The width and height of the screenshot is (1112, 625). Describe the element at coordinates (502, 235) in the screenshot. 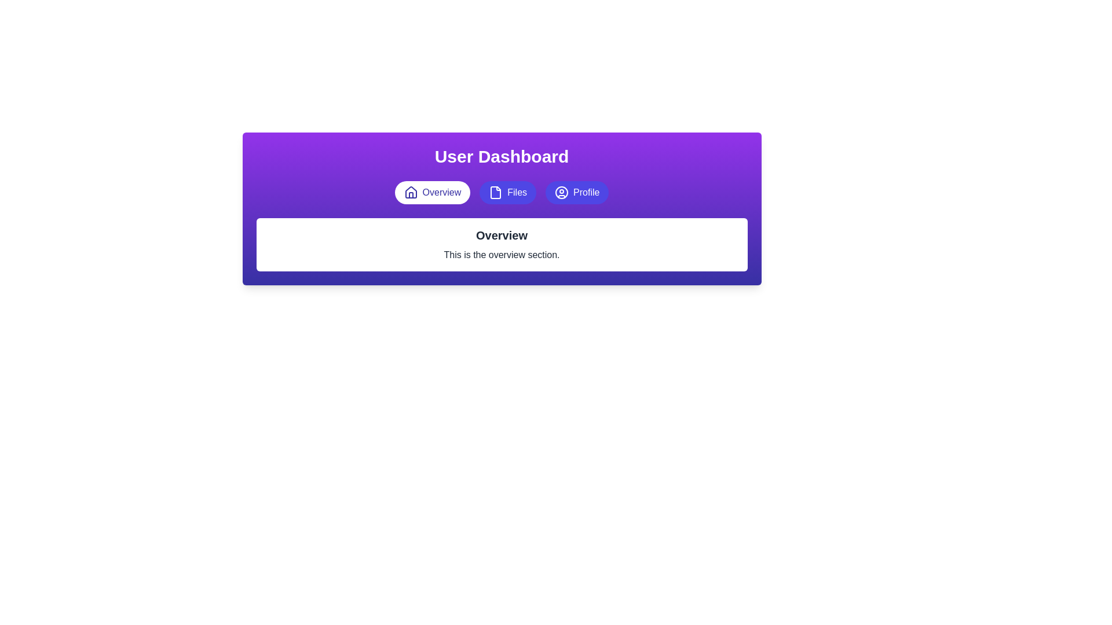

I see `the 'Overview' text label, which is a bold, center-aligned title above a descriptive paragraph in the main card beneath the dashboard header` at that location.